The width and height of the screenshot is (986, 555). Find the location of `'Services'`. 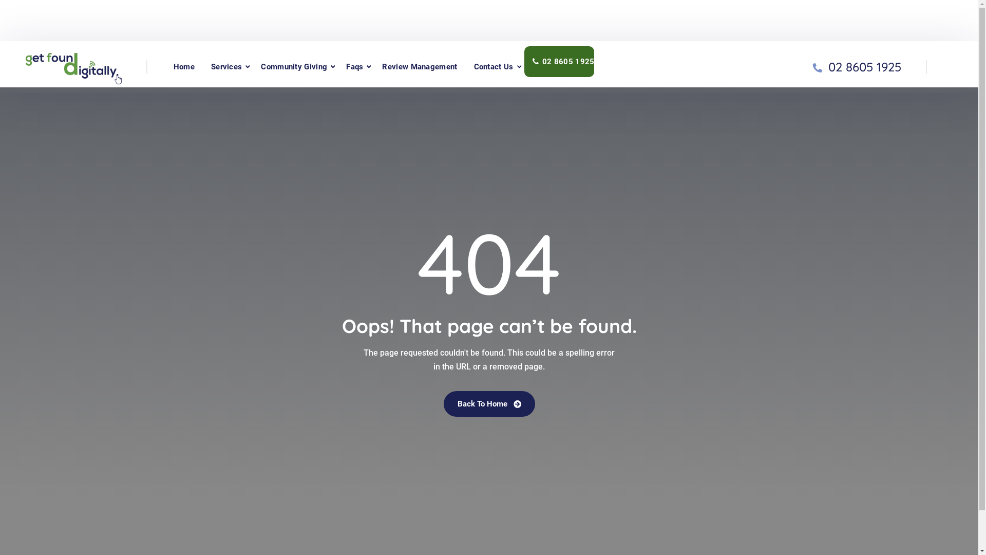

'Services' is located at coordinates (226, 67).